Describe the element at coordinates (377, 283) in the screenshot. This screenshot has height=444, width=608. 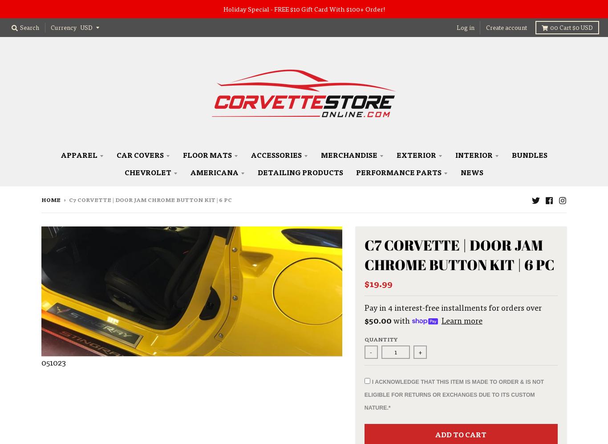
I see `'$19.99'` at that location.